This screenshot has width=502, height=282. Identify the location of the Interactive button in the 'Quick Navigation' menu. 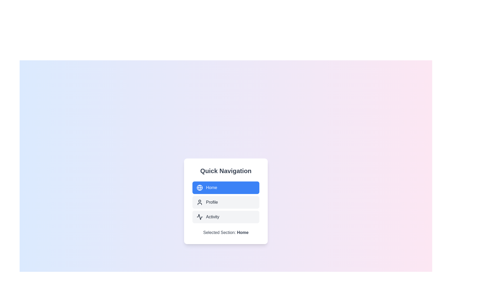
(226, 217).